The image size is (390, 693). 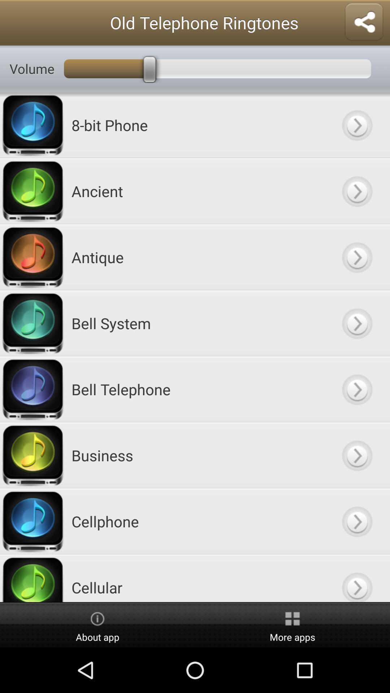 I want to click on ringtone, so click(x=356, y=455).